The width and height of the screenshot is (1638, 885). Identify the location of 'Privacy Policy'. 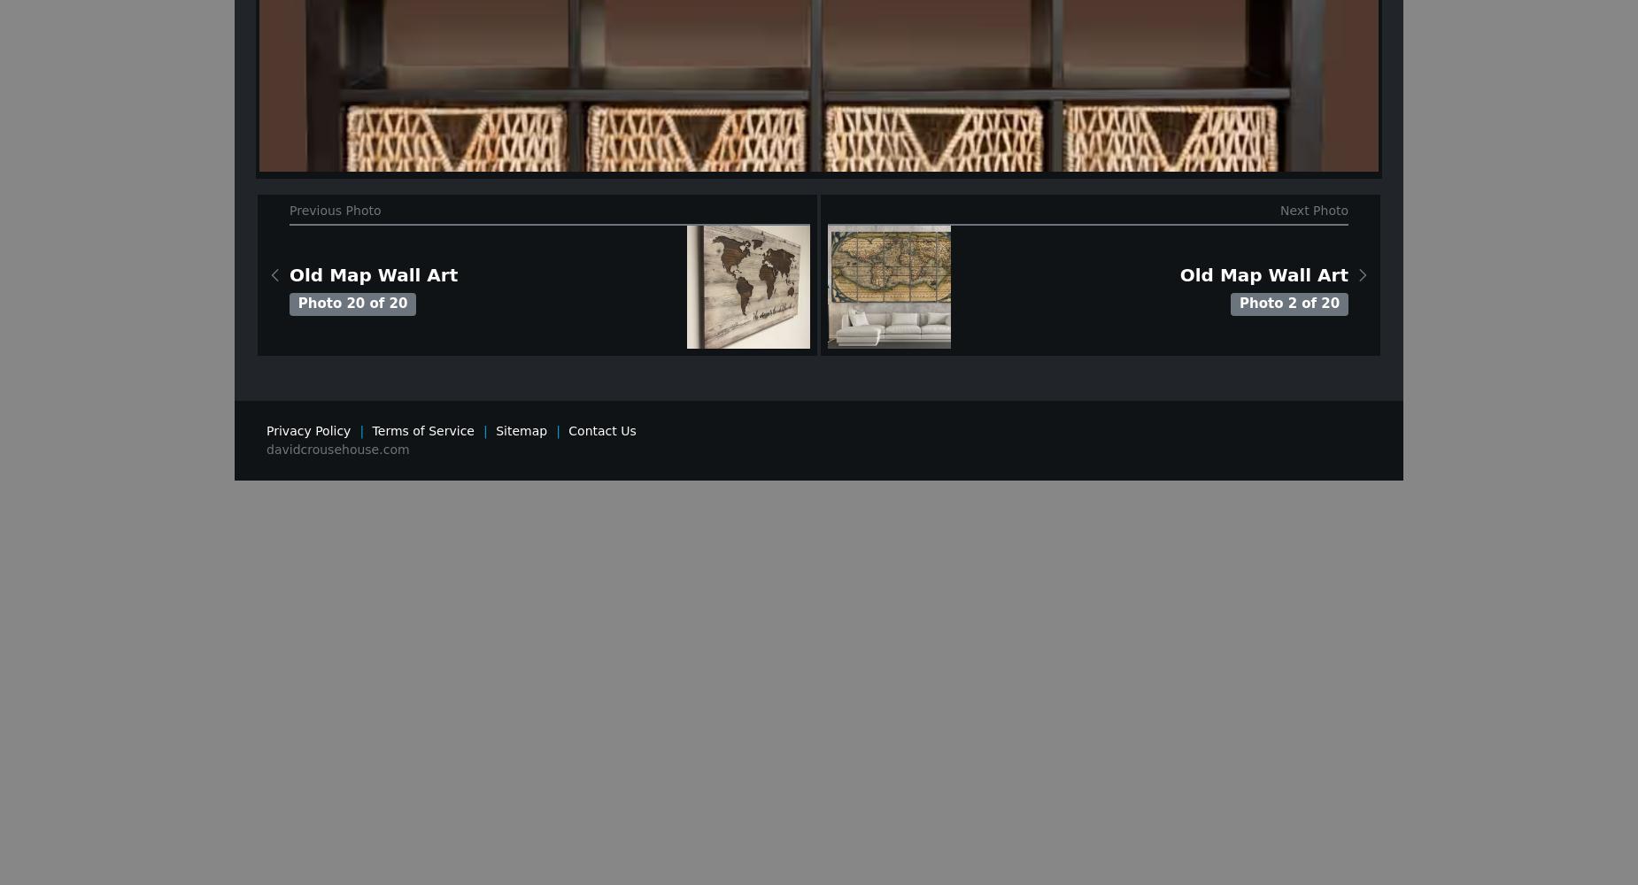
(307, 429).